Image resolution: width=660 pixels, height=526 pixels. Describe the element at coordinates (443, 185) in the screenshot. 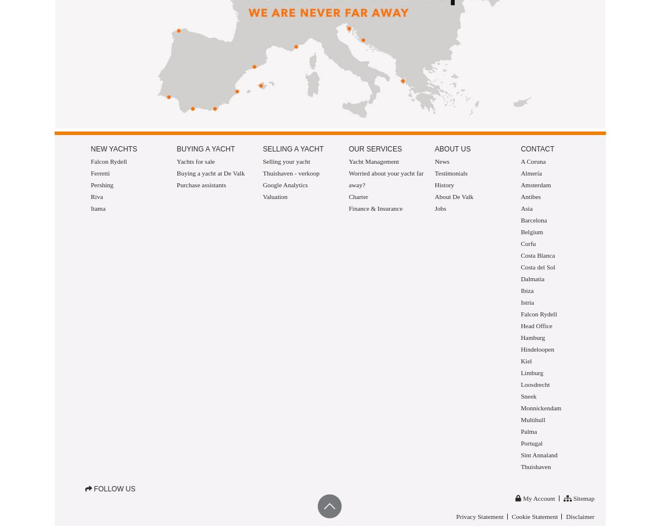

I see `'History'` at that location.